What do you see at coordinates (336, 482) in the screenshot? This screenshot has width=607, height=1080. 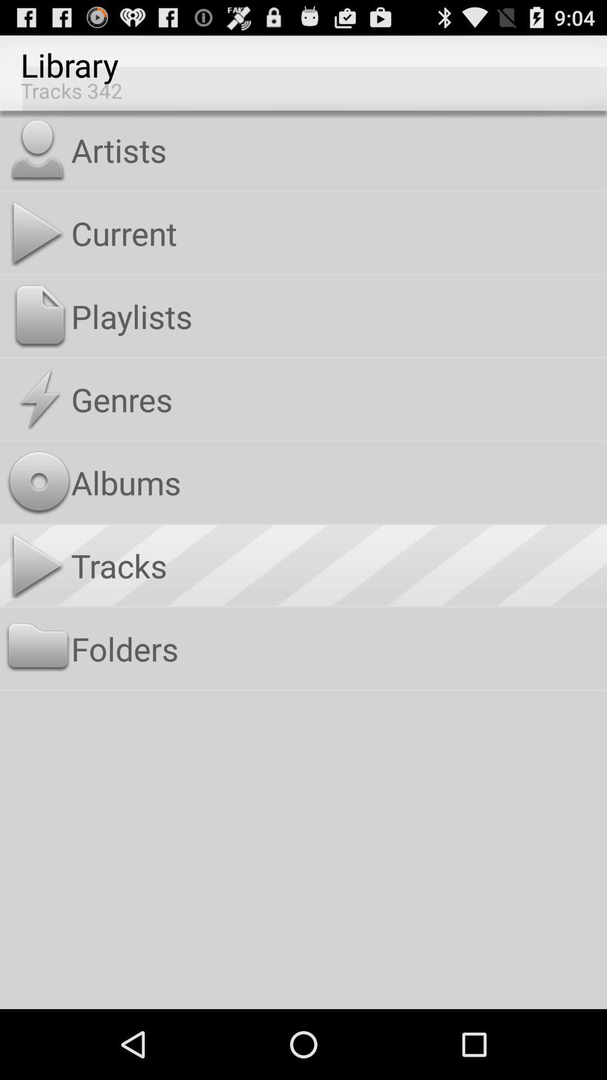 I see `the albums icon` at bounding box center [336, 482].